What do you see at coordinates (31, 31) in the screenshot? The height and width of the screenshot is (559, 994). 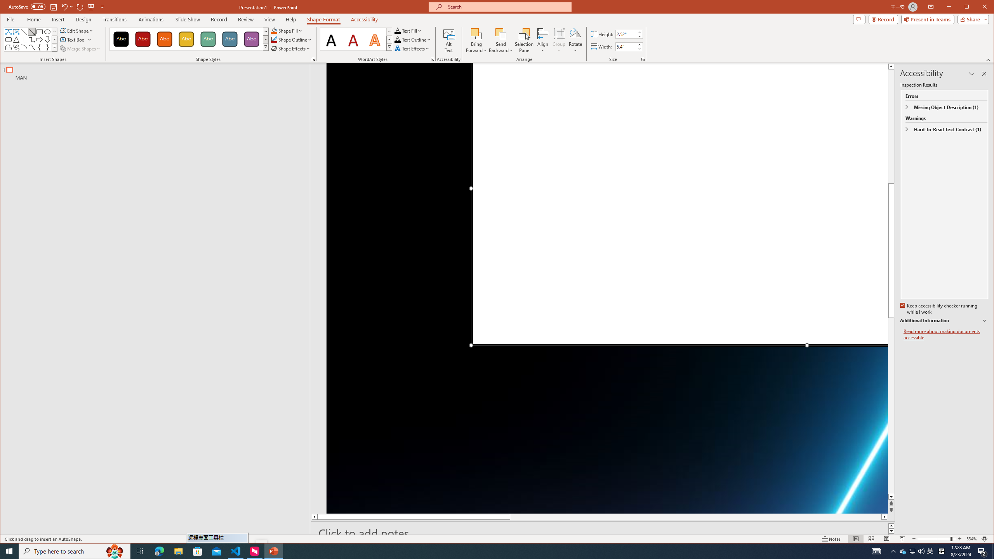 I see `'Line Arrow'` at bounding box center [31, 31].